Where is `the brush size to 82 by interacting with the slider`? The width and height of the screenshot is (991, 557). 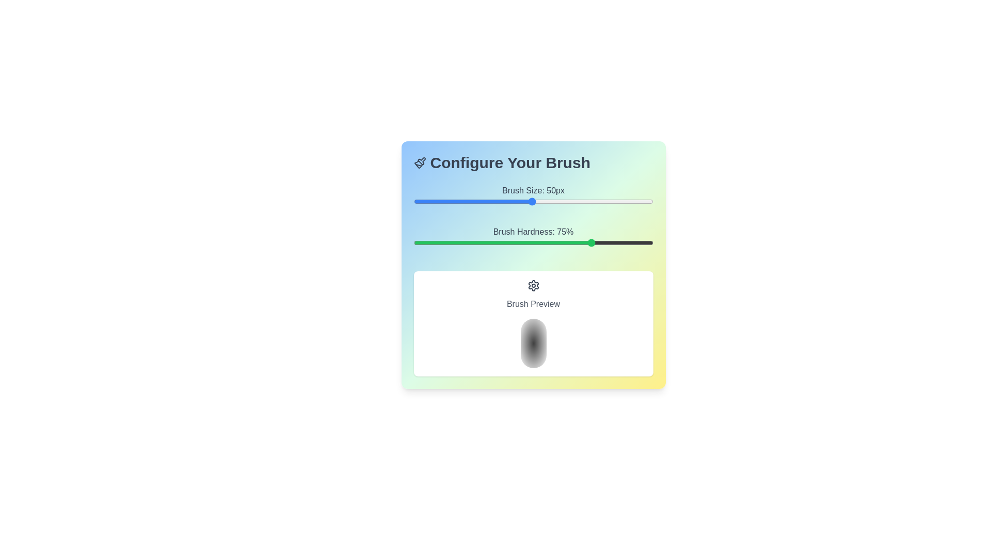 the brush size to 82 by interacting with the slider is located at coordinates (610, 201).